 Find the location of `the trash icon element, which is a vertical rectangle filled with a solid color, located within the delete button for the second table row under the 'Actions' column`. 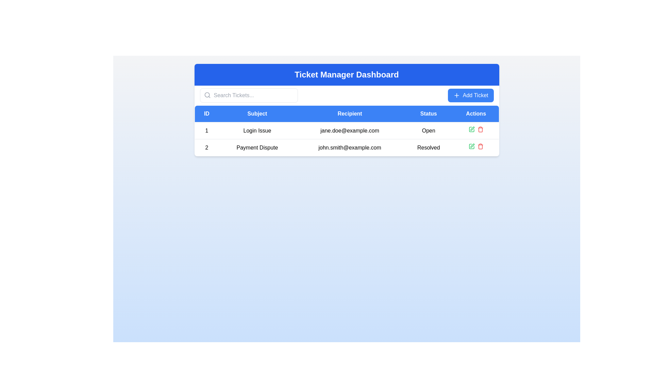

the trash icon element, which is a vertical rectangle filled with a solid color, located within the delete button for the second table row under the 'Actions' column is located at coordinates (480, 130).